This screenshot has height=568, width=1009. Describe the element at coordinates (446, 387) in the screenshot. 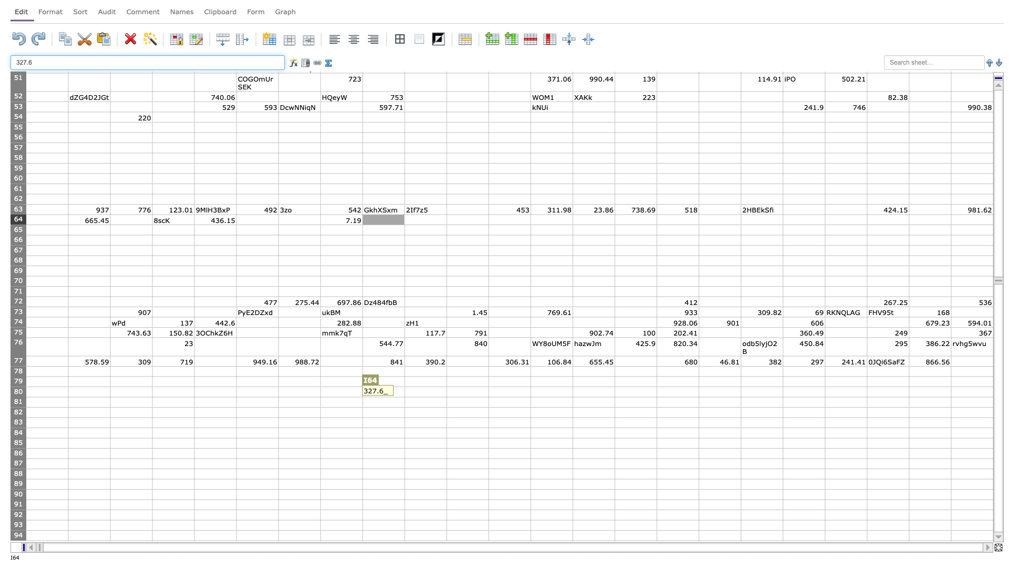

I see `Place cursor on top left corner of K80` at that location.